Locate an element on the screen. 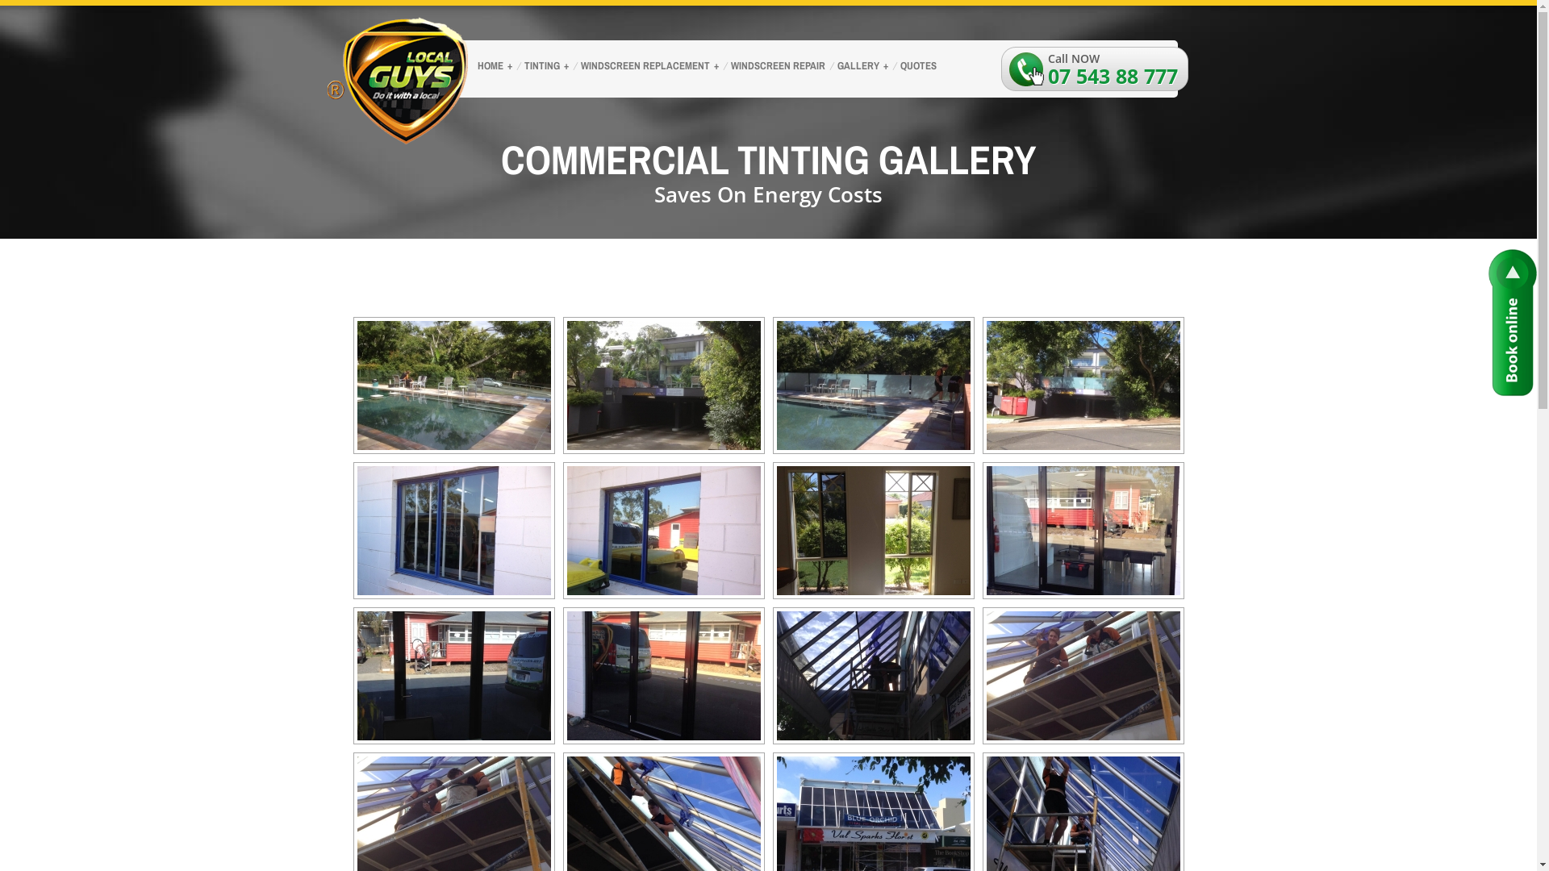 This screenshot has height=871, width=1549. 'WINDSCREEN REPAIR' is located at coordinates (775, 67).